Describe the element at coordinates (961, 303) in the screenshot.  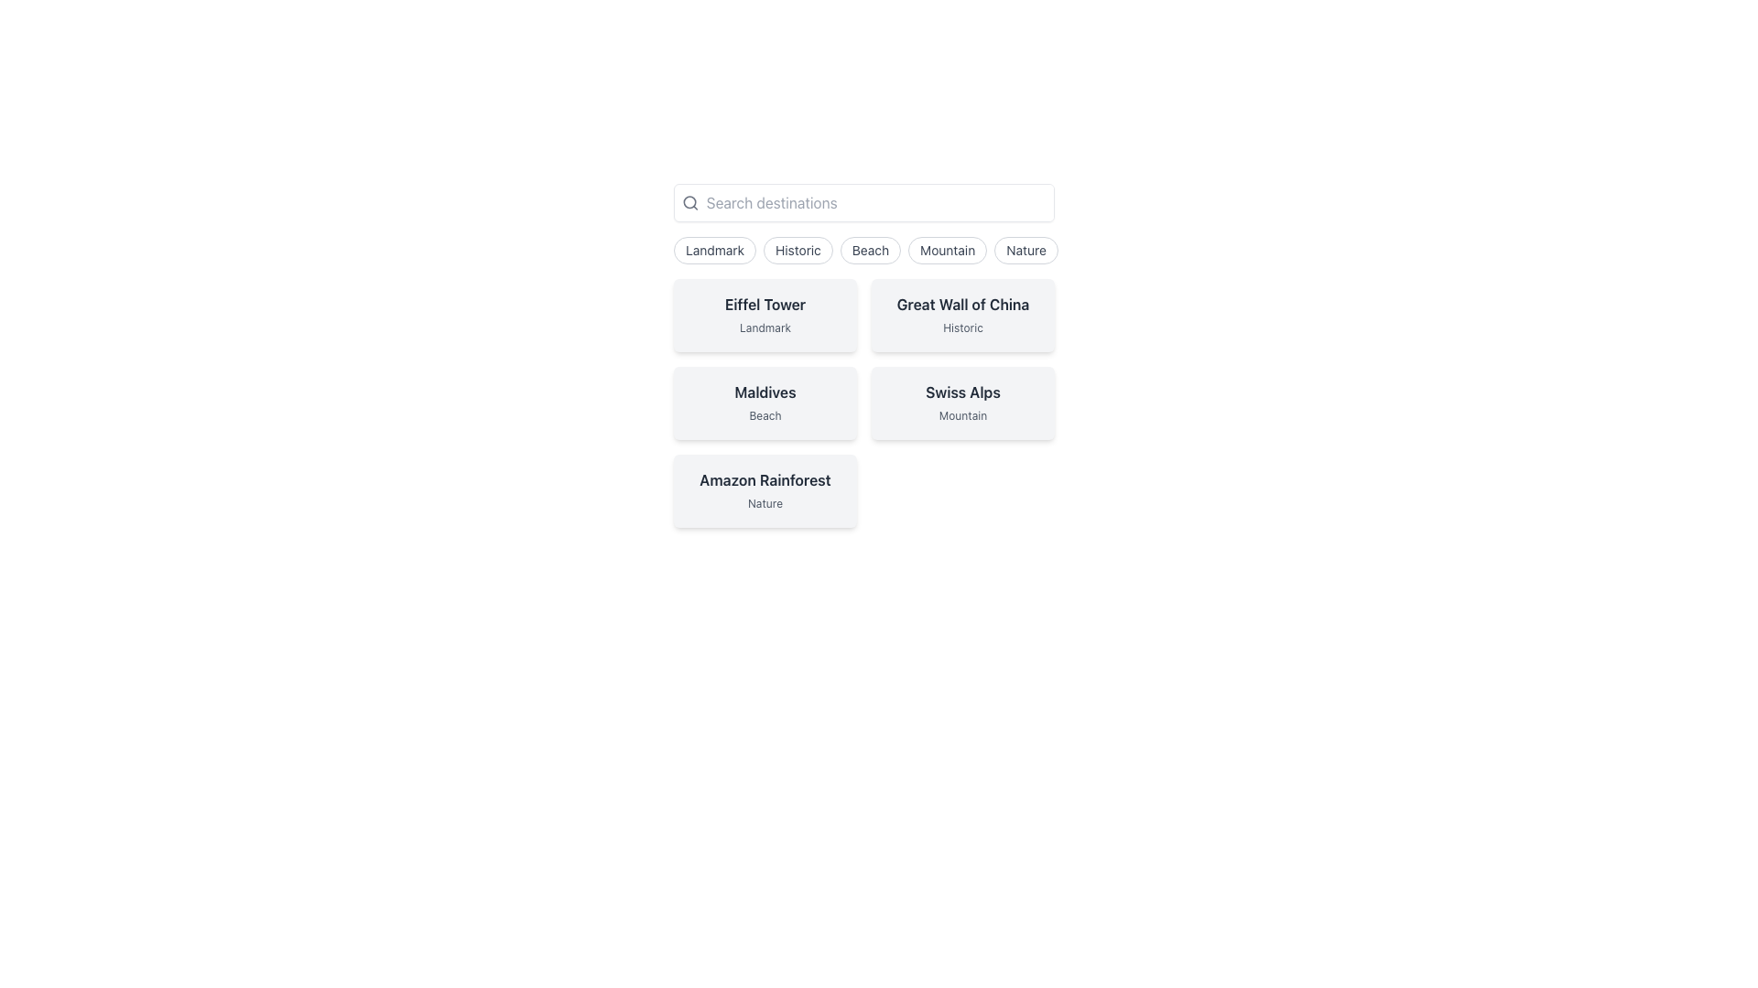
I see `the text label displaying 'Great Wall of China', which is styled in bold and dark gray, located within a card in the second row and second column of the grid layout` at that location.